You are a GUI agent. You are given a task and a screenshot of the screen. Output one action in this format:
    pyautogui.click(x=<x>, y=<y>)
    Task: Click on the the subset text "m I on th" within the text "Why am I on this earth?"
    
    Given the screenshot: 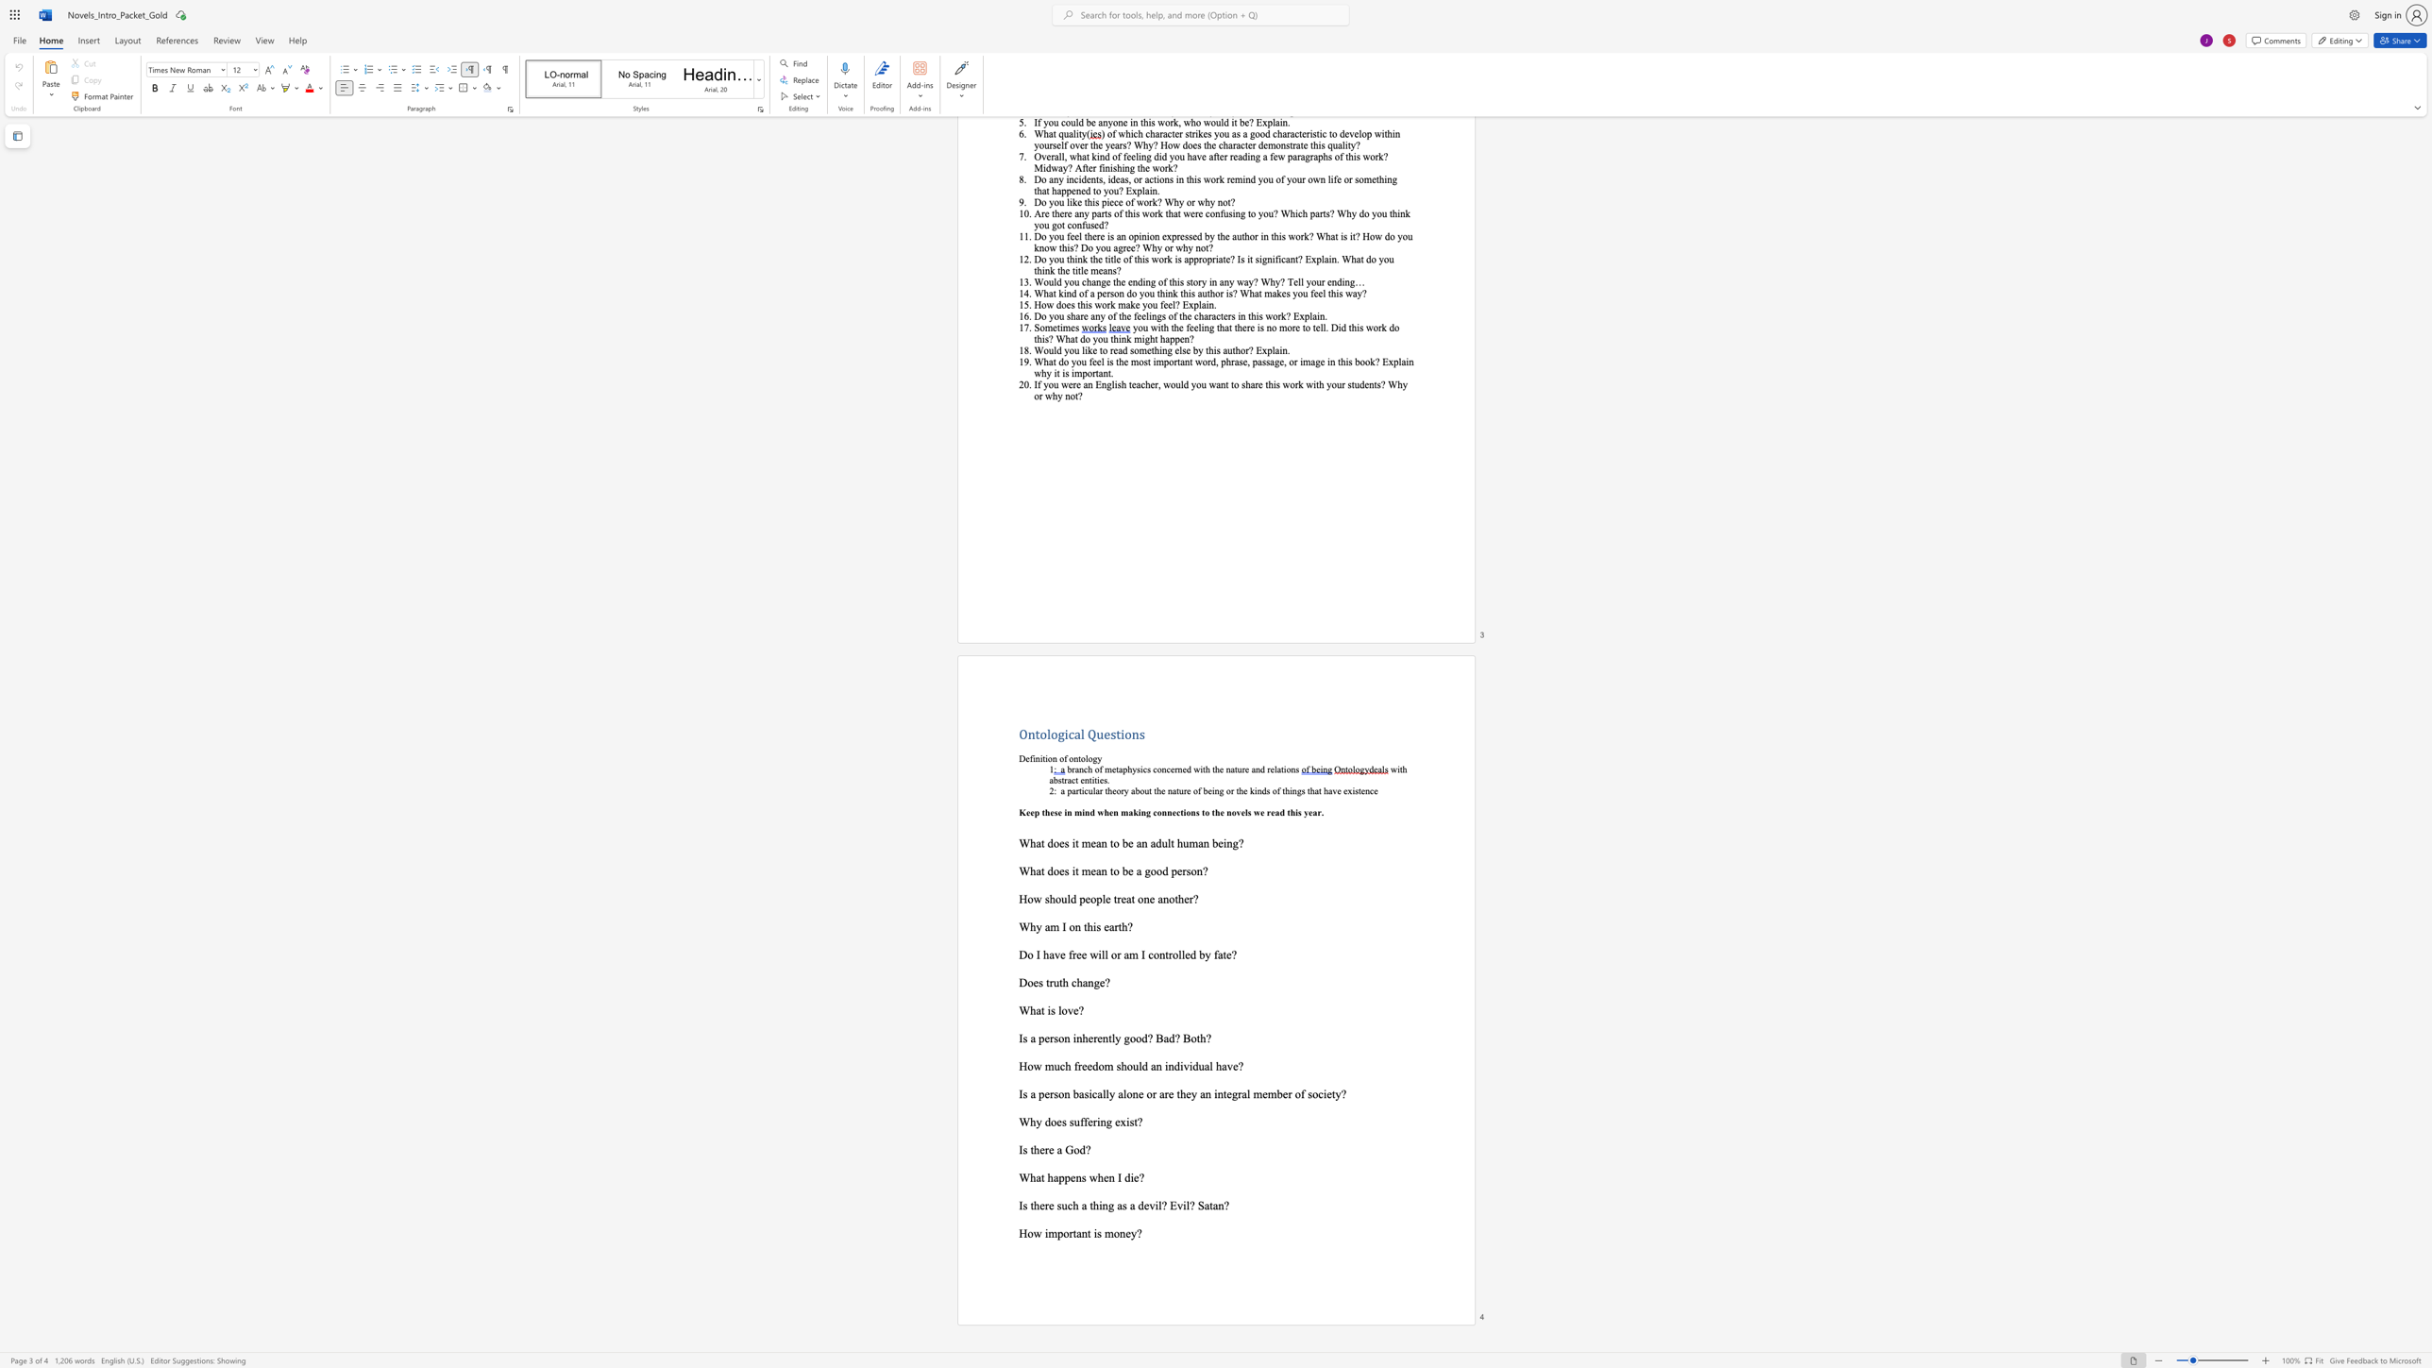 What is the action you would take?
    pyautogui.click(x=1050, y=926)
    